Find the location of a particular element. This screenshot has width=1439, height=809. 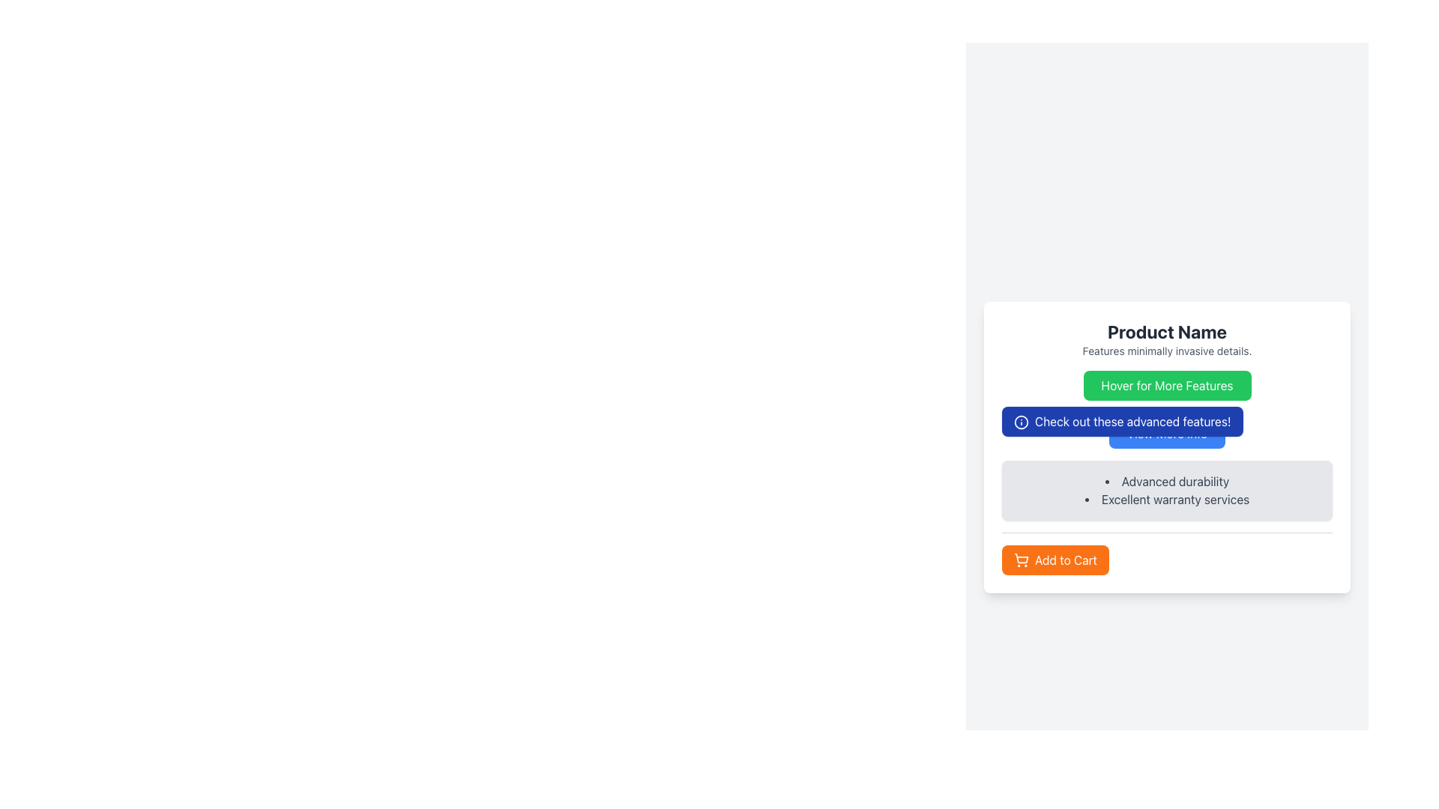

bullet-point list in the central Information block located beneath the 'Check out these advanced features!' button and above the 'Add to Cart' button is located at coordinates (1166, 490).